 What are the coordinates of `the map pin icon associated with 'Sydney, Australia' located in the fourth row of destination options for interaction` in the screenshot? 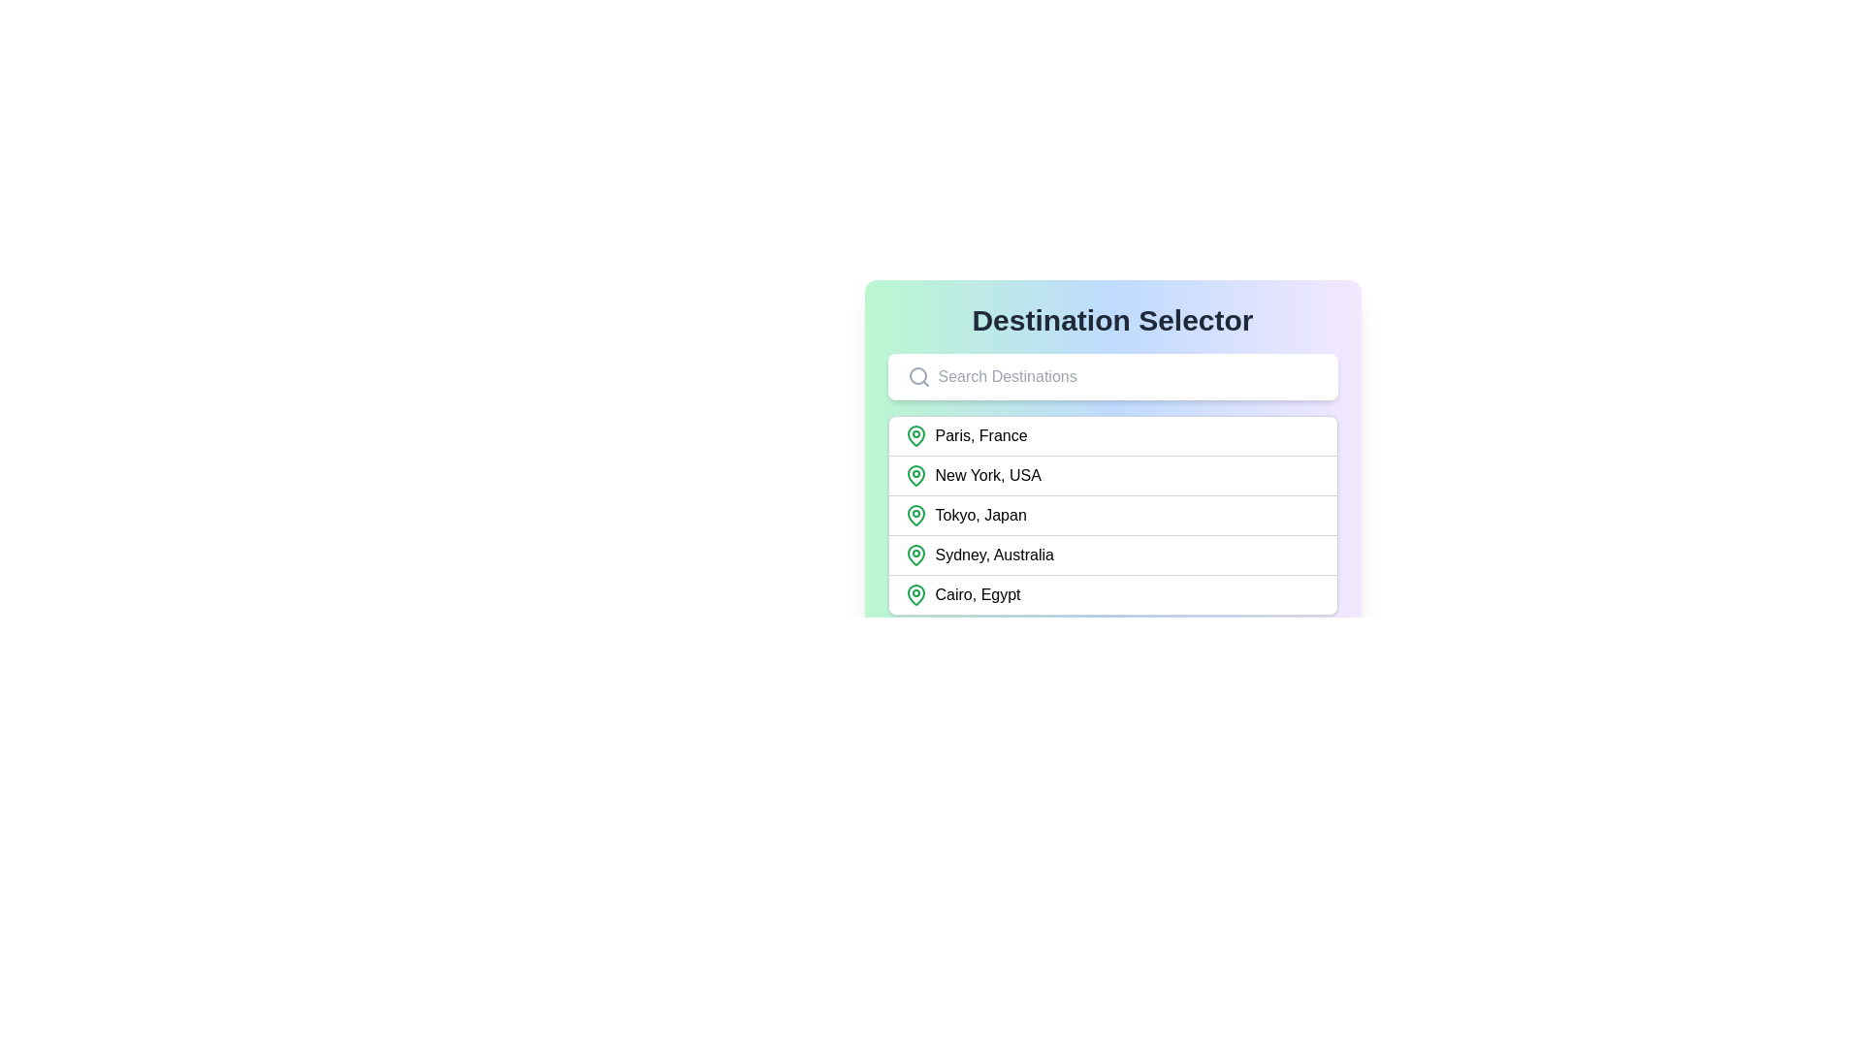 It's located at (915, 555).